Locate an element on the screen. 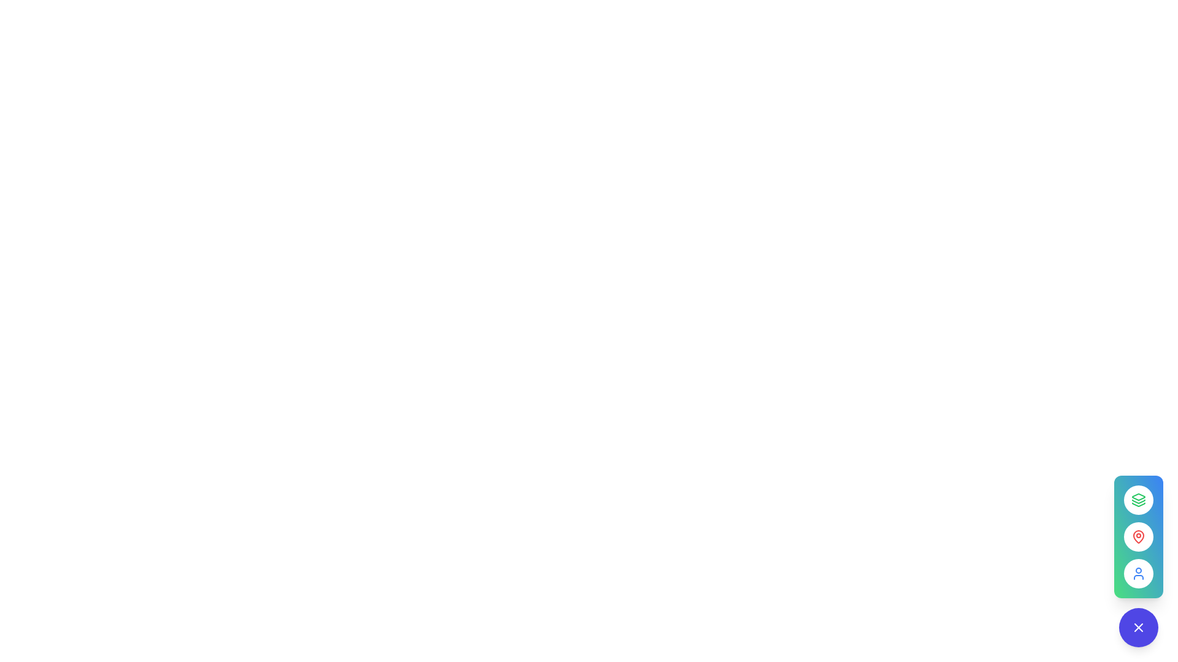  the circular purple close icon button located at the bottom-right corner of the interface is located at coordinates (1138, 627).